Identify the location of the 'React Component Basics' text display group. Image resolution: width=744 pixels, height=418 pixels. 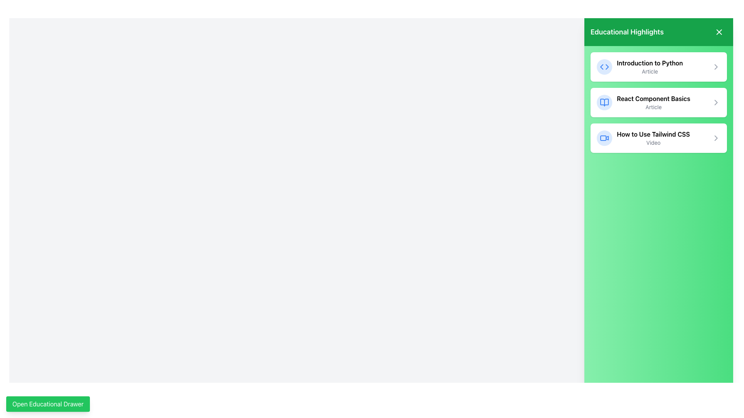
(653, 102).